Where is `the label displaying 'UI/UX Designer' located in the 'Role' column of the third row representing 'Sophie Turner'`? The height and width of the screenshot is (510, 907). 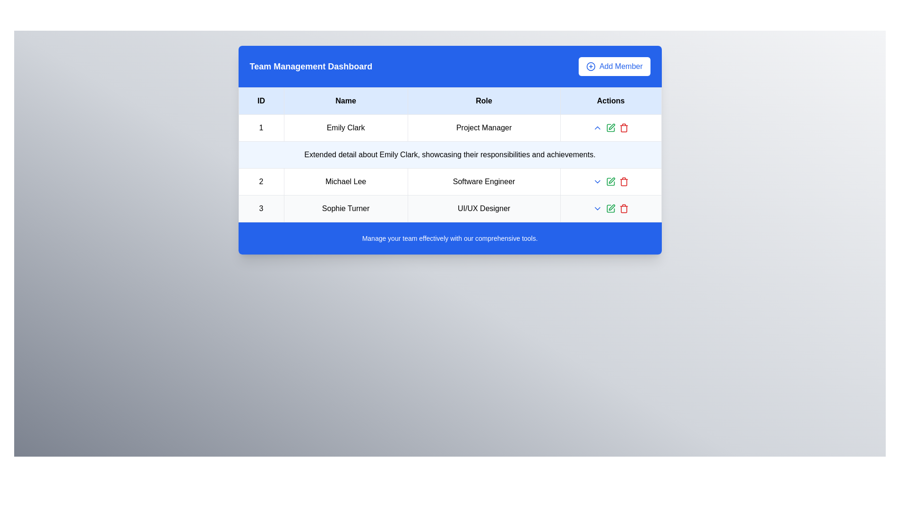
the label displaying 'UI/UX Designer' located in the 'Role' column of the third row representing 'Sophie Turner' is located at coordinates (484, 208).